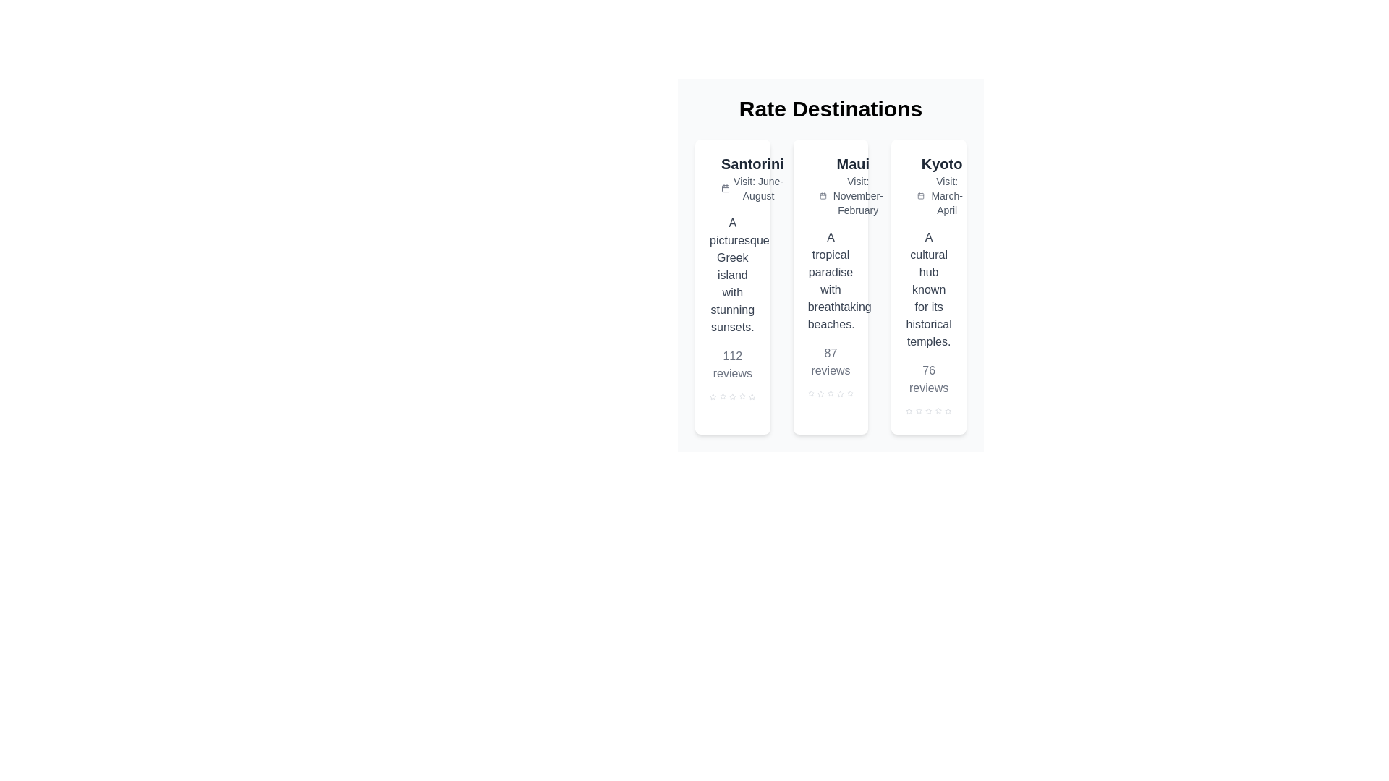  What do you see at coordinates (942, 185) in the screenshot?
I see `informational text block that provides details about the destination 'Kyoto', which is located under the title 'Rate Destinations'` at bounding box center [942, 185].